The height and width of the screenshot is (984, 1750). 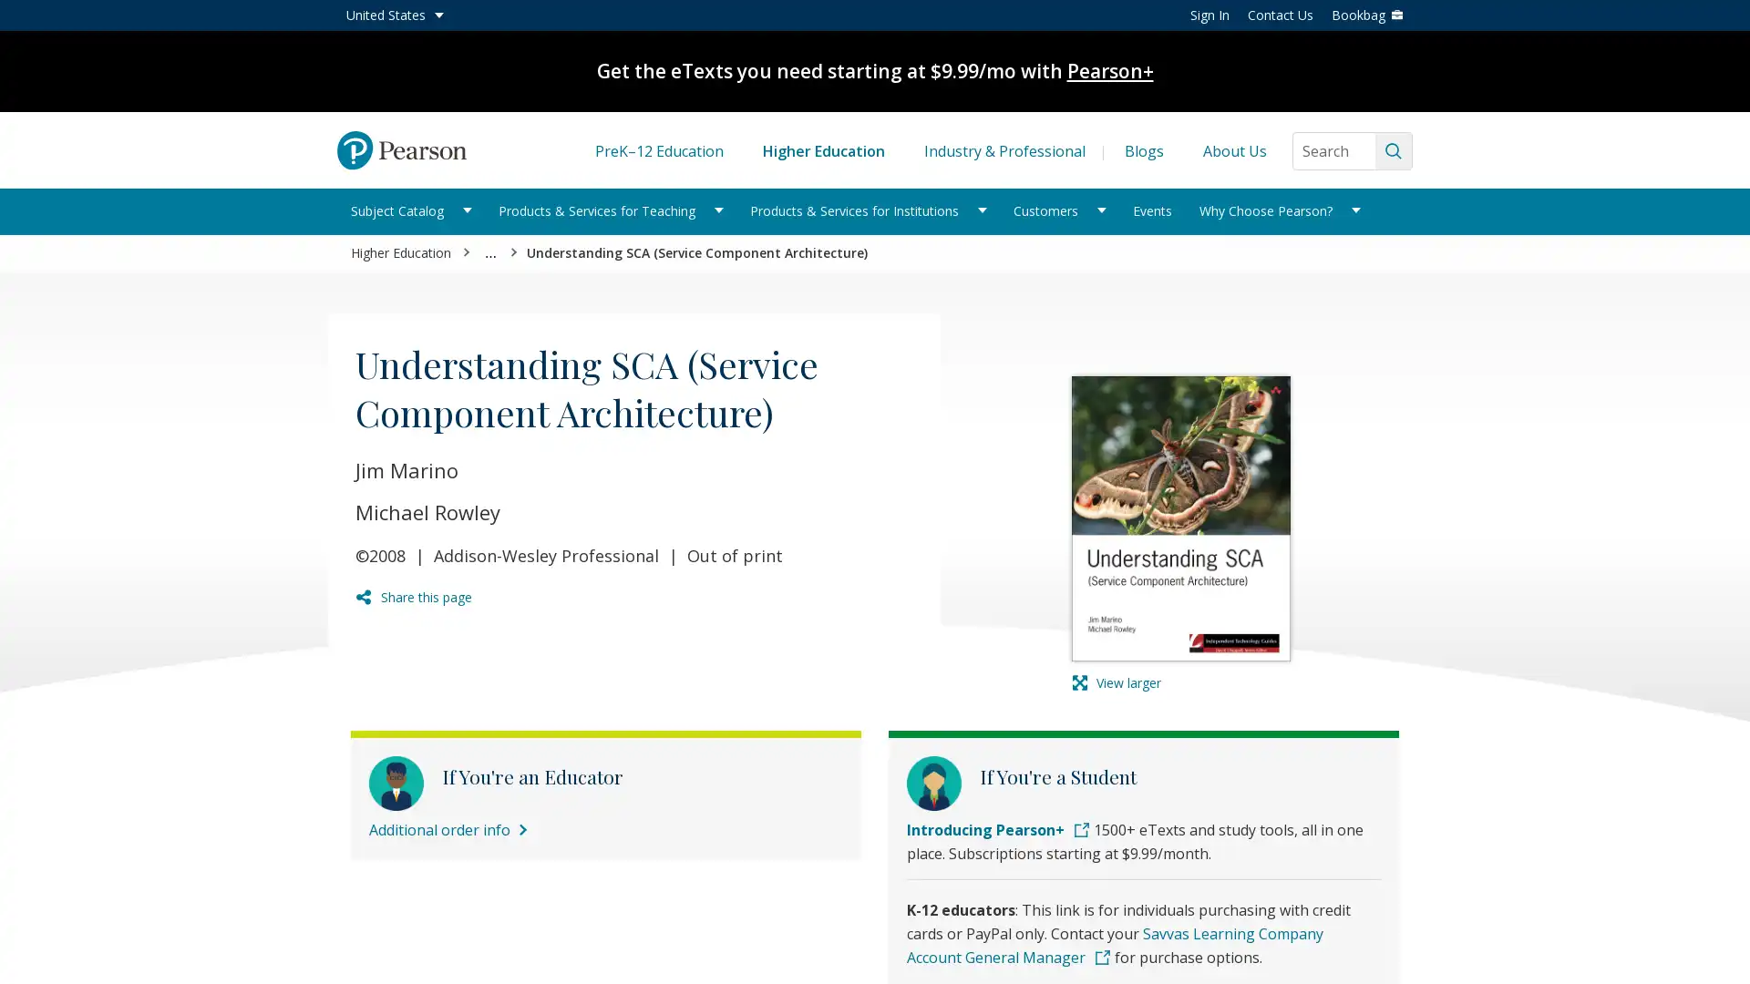 I want to click on ..., so click(x=490, y=253).